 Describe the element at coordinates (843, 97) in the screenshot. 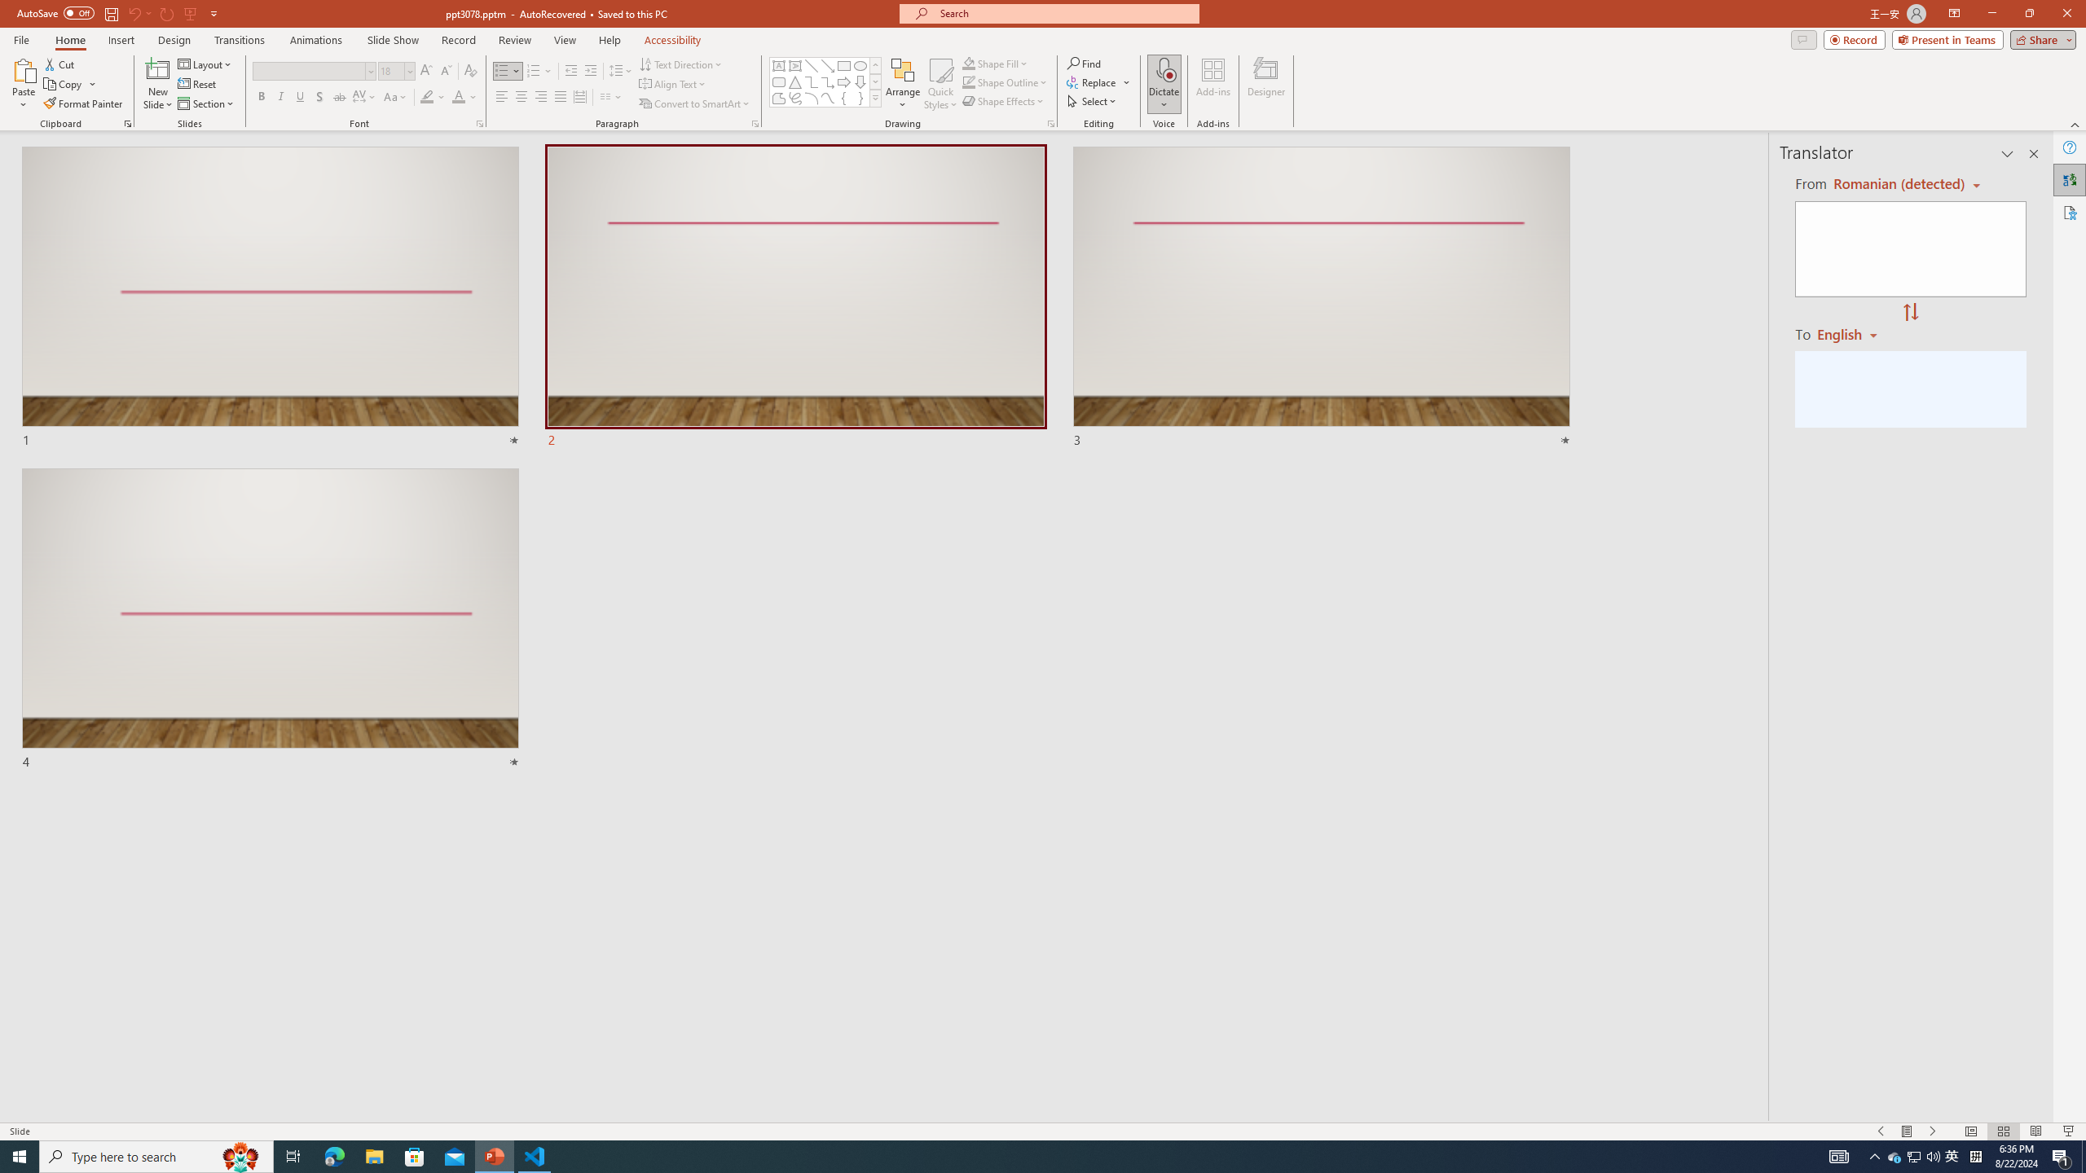

I see `'Left Brace'` at that location.